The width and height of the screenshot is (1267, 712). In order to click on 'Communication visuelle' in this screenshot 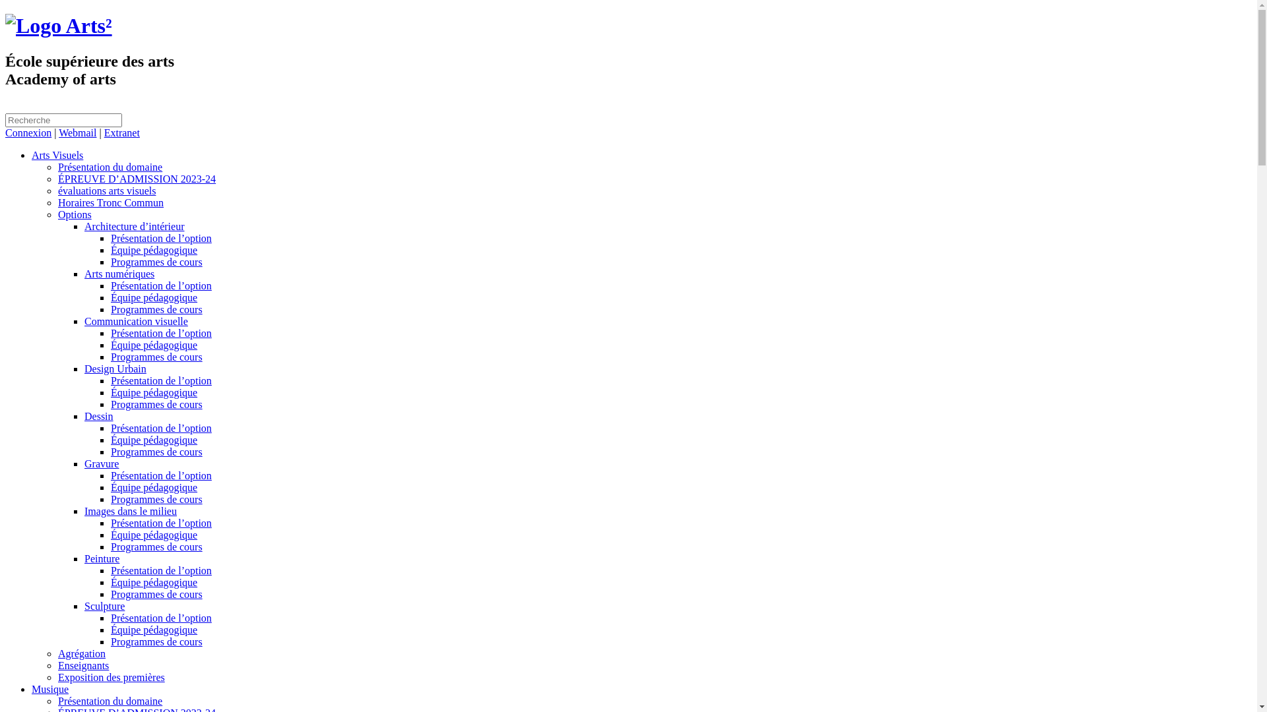, I will do `click(136, 321)`.